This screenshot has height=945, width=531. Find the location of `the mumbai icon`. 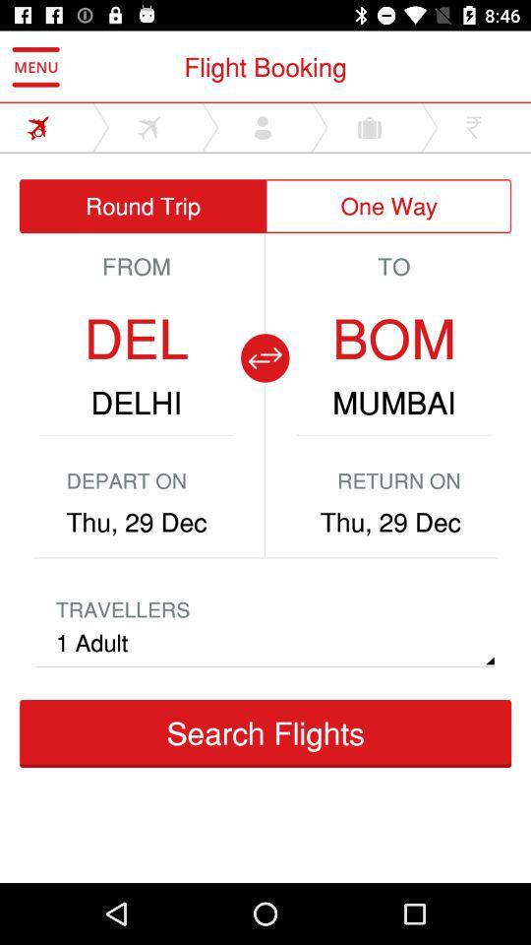

the mumbai icon is located at coordinates (393, 402).